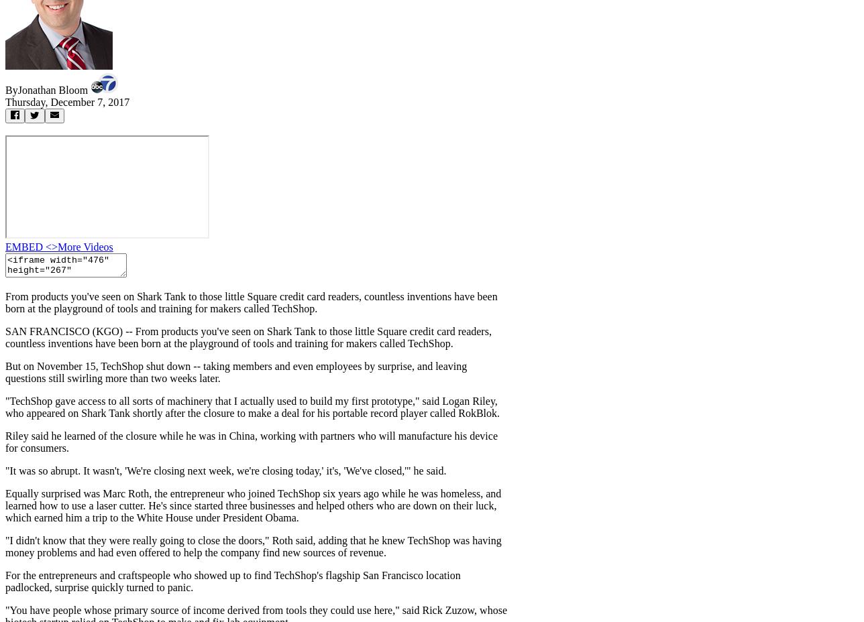 Image resolution: width=864 pixels, height=622 pixels. Describe the element at coordinates (253, 546) in the screenshot. I see `'"I didn't know that they were really going to close the doors," Roth said, adding that he knew TechShop was having money problems and had even offered to help the company find new sources of revenue.'` at that location.